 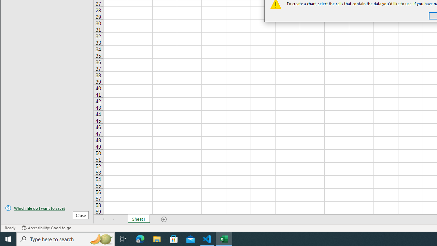 What do you see at coordinates (66, 238) in the screenshot?
I see `'Type here to search'` at bounding box center [66, 238].